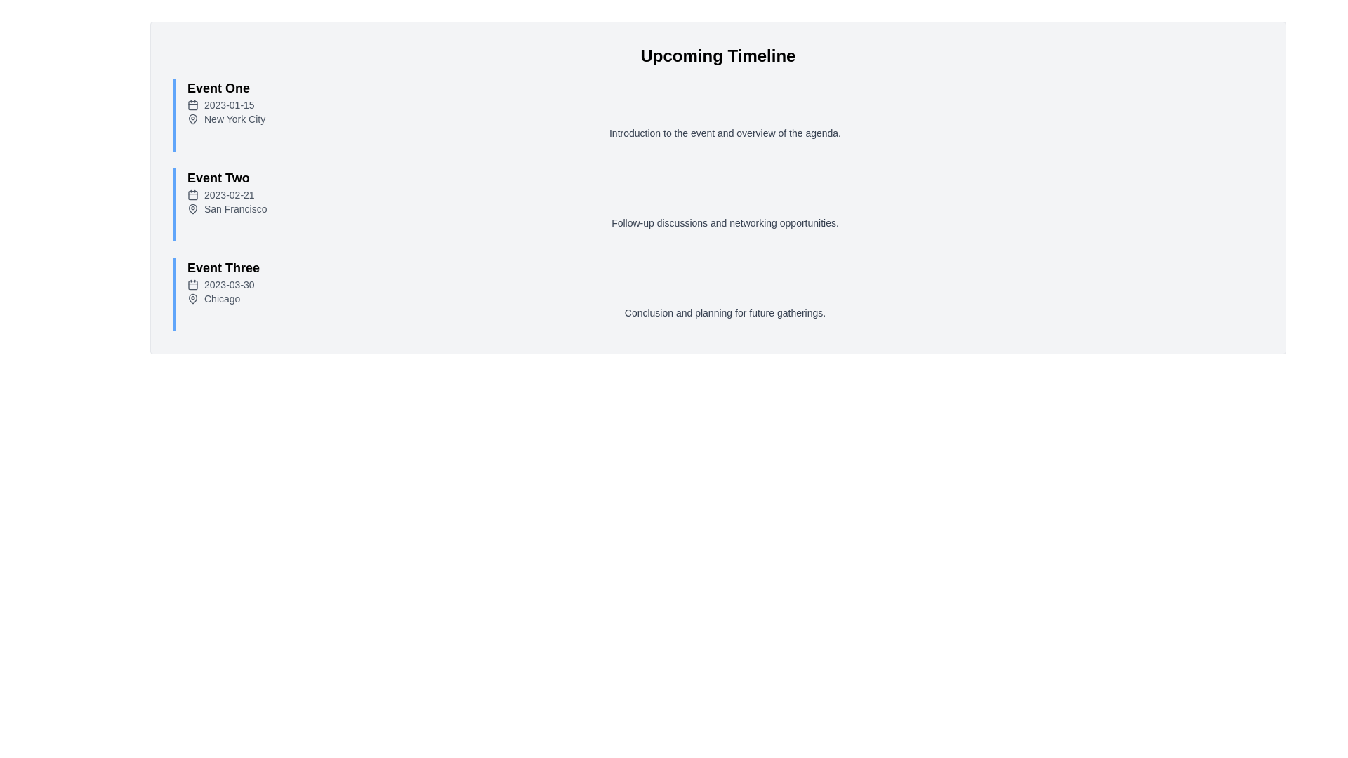 The width and height of the screenshot is (1348, 758). I want to click on the text label displaying 'Event One' for accessibility purposes, so click(218, 88).